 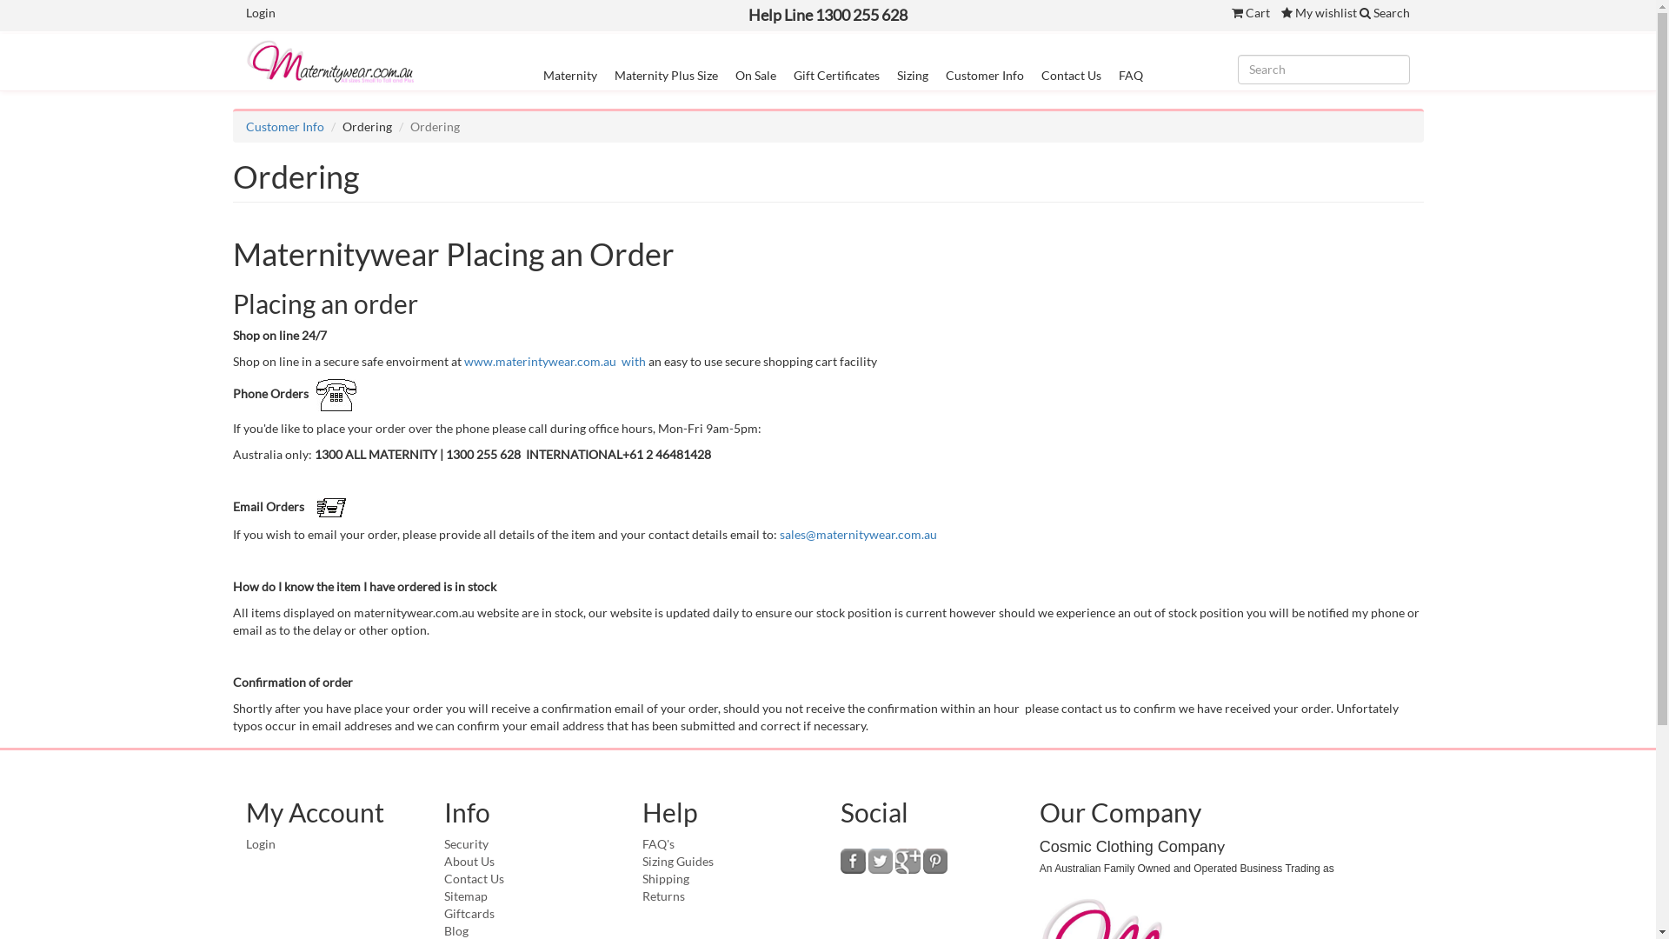 What do you see at coordinates (469, 861) in the screenshot?
I see `'About Us'` at bounding box center [469, 861].